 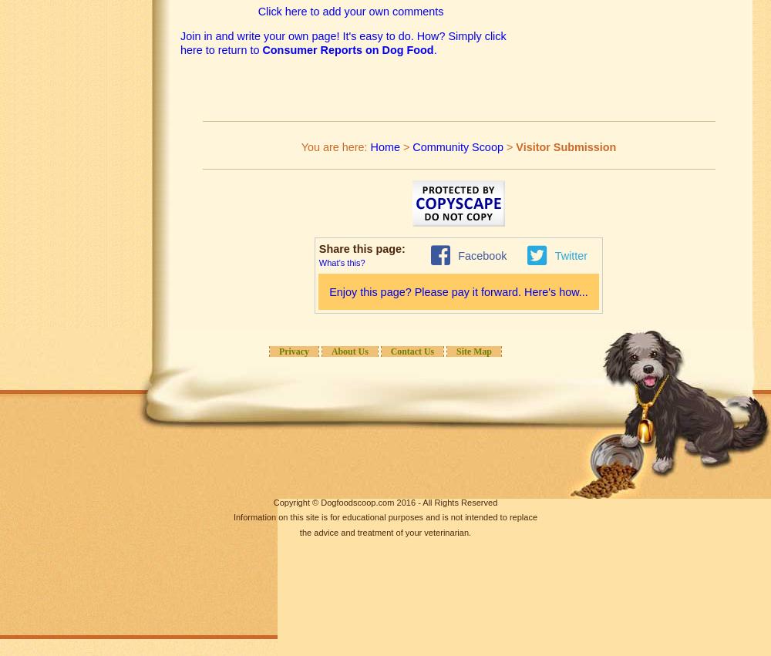 What do you see at coordinates (349, 10) in the screenshot?
I see `'Click here to add your own comments'` at bounding box center [349, 10].